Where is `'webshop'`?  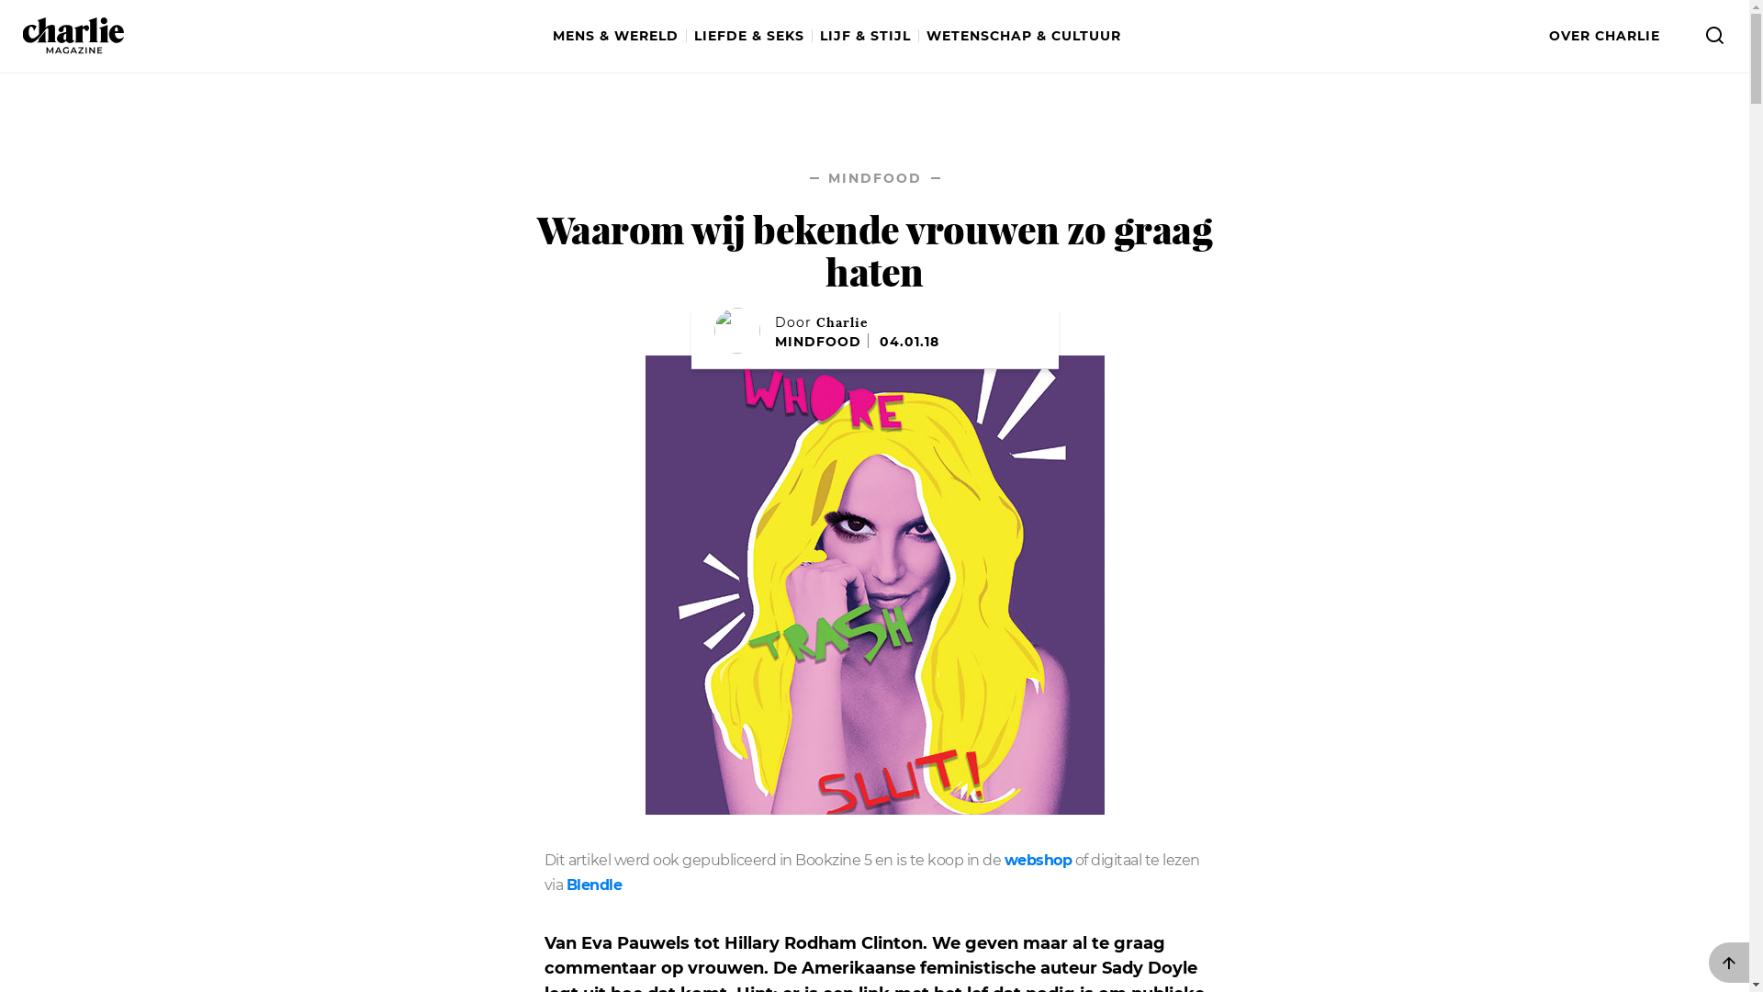
'webshop' is located at coordinates (1039, 861).